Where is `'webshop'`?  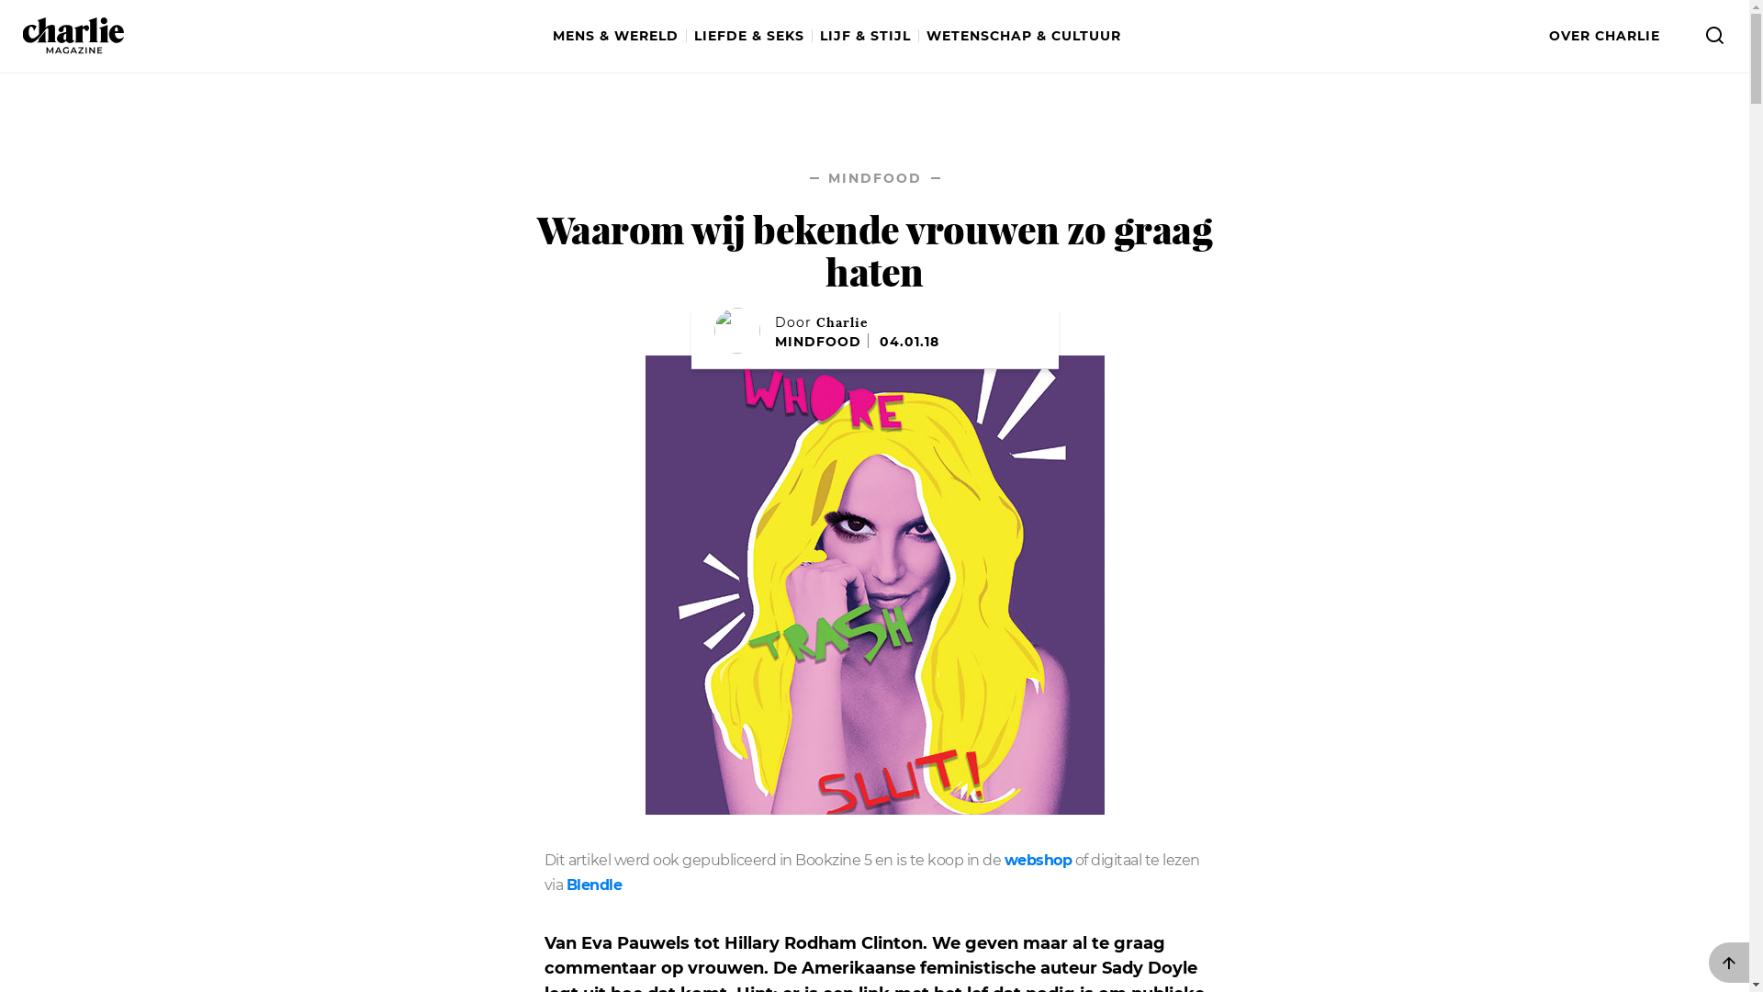
'webshop' is located at coordinates (1039, 861).